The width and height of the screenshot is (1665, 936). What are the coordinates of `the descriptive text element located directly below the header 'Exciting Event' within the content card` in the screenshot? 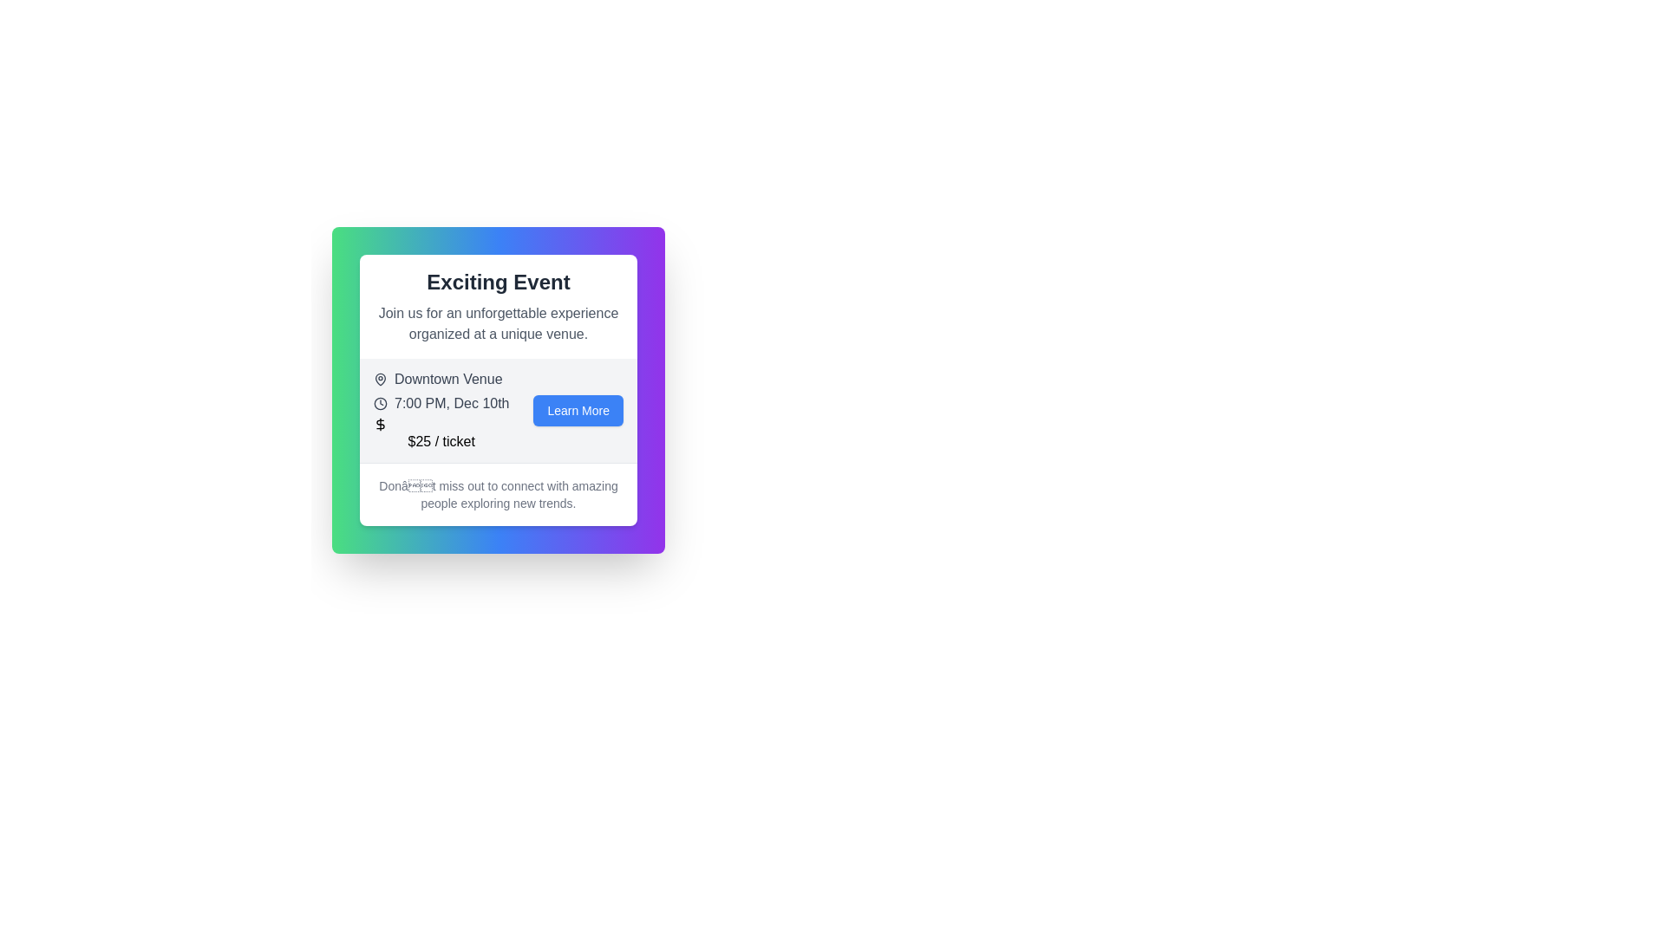 It's located at (498, 324).